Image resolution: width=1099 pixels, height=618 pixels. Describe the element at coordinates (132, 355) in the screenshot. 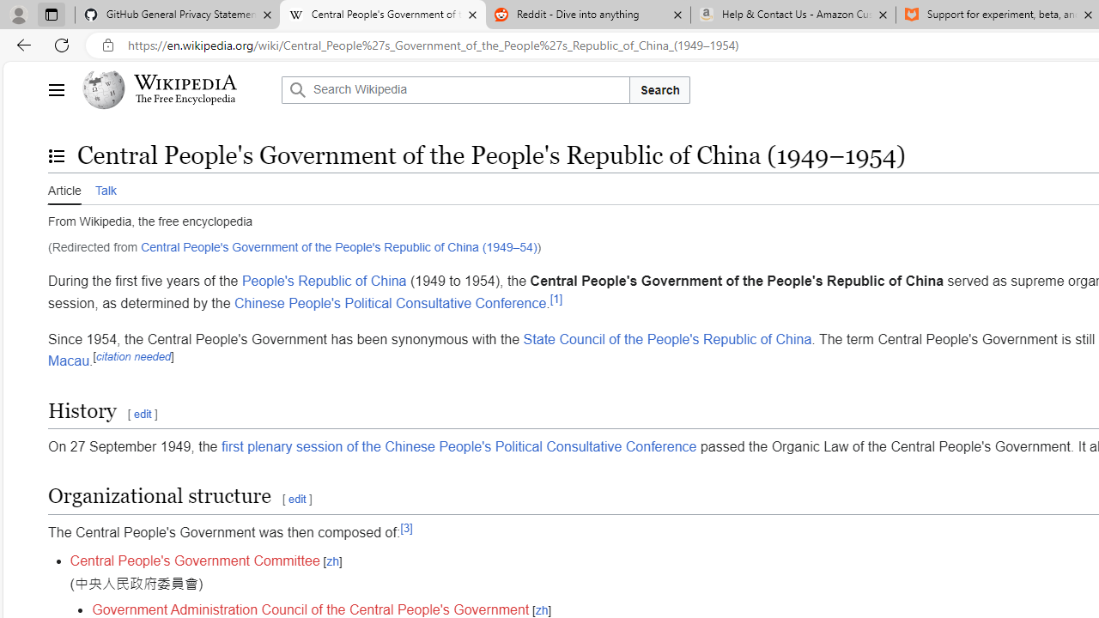

I see `'citation needed'` at that location.